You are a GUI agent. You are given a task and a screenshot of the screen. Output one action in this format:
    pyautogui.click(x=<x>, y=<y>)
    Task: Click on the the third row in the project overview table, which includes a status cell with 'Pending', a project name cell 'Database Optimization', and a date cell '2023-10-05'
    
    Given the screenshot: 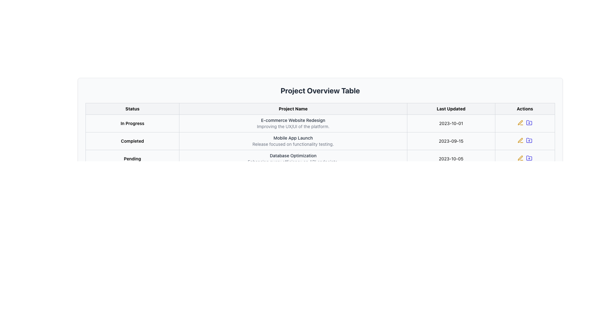 What is the action you would take?
    pyautogui.click(x=320, y=159)
    